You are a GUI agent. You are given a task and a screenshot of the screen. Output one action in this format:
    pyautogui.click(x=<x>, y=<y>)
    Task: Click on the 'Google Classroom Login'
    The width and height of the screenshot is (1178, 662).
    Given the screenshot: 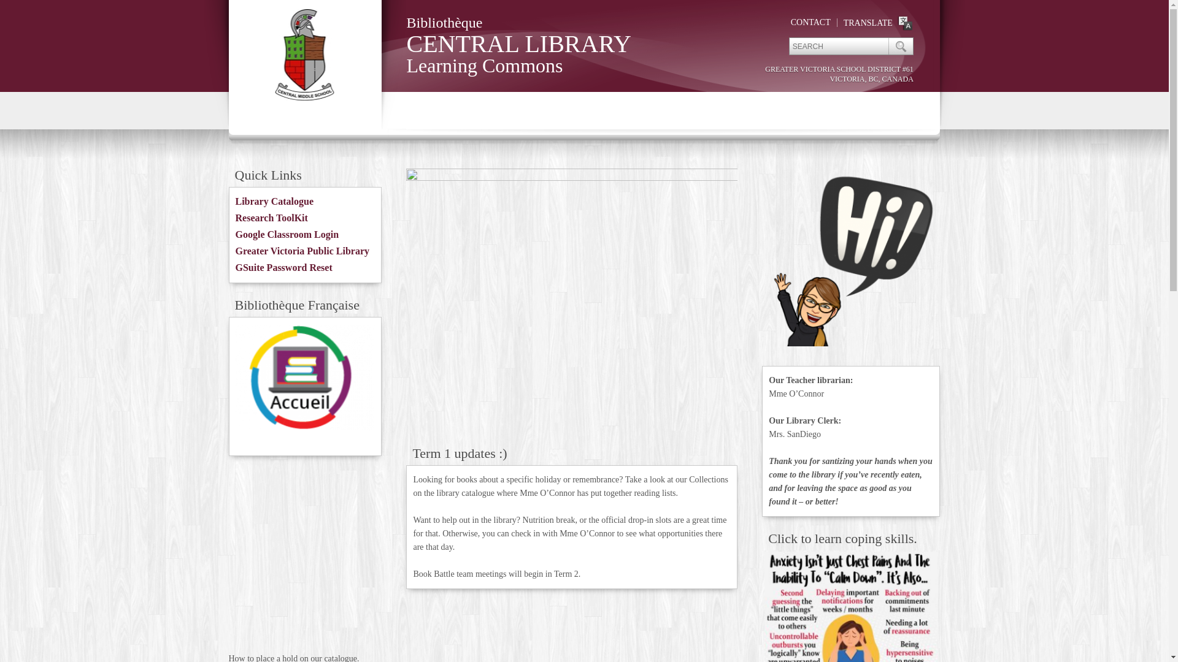 What is the action you would take?
    pyautogui.click(x=287, y=234)
    